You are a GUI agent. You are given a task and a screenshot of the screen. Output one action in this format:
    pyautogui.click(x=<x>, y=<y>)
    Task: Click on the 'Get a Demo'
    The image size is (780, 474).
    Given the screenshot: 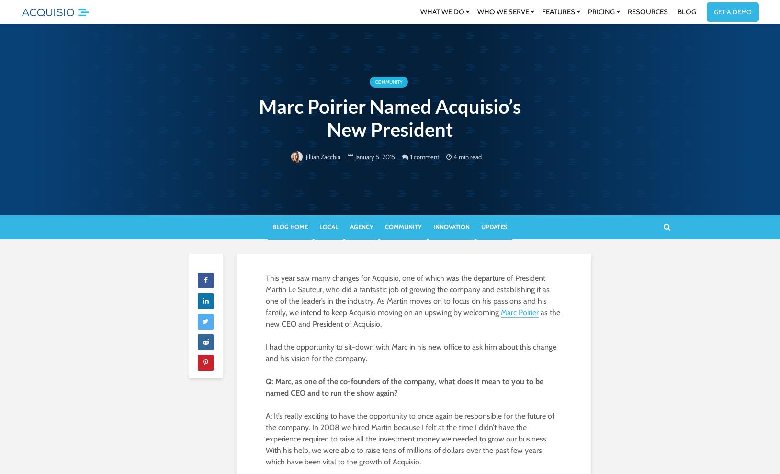 What is the action you would take?
    pyautogui.click(x=732, y=11)
    